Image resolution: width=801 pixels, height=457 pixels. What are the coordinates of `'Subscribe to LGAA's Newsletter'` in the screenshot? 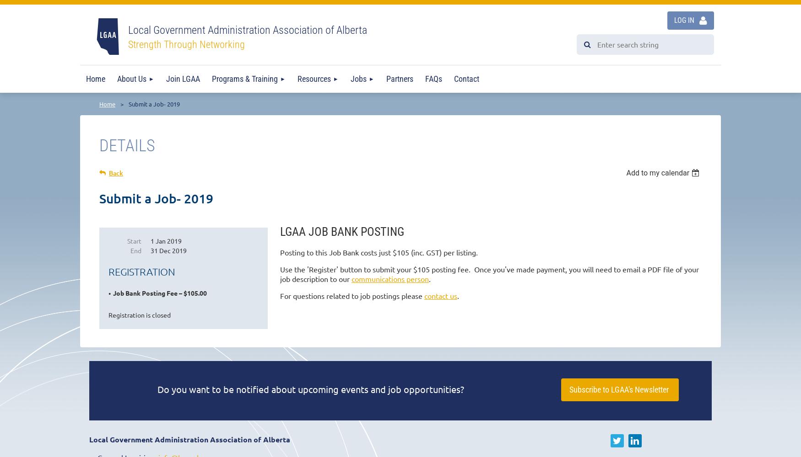 It's located at (619, 389).